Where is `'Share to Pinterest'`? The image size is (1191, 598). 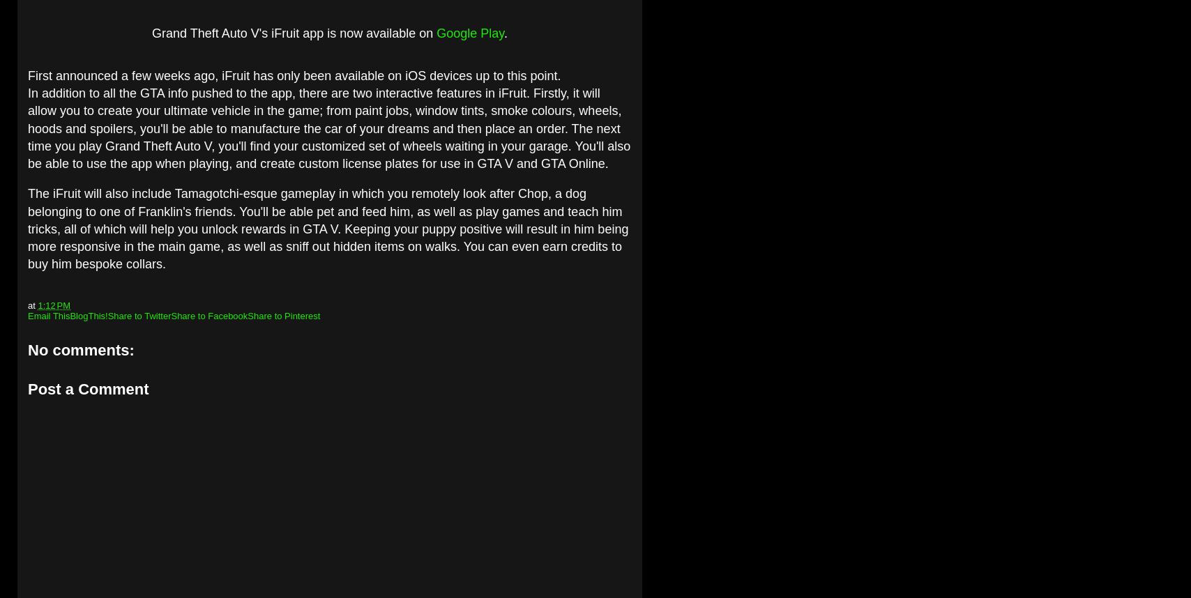
'Share to Pinterest' is located at coordinates (247, 316).